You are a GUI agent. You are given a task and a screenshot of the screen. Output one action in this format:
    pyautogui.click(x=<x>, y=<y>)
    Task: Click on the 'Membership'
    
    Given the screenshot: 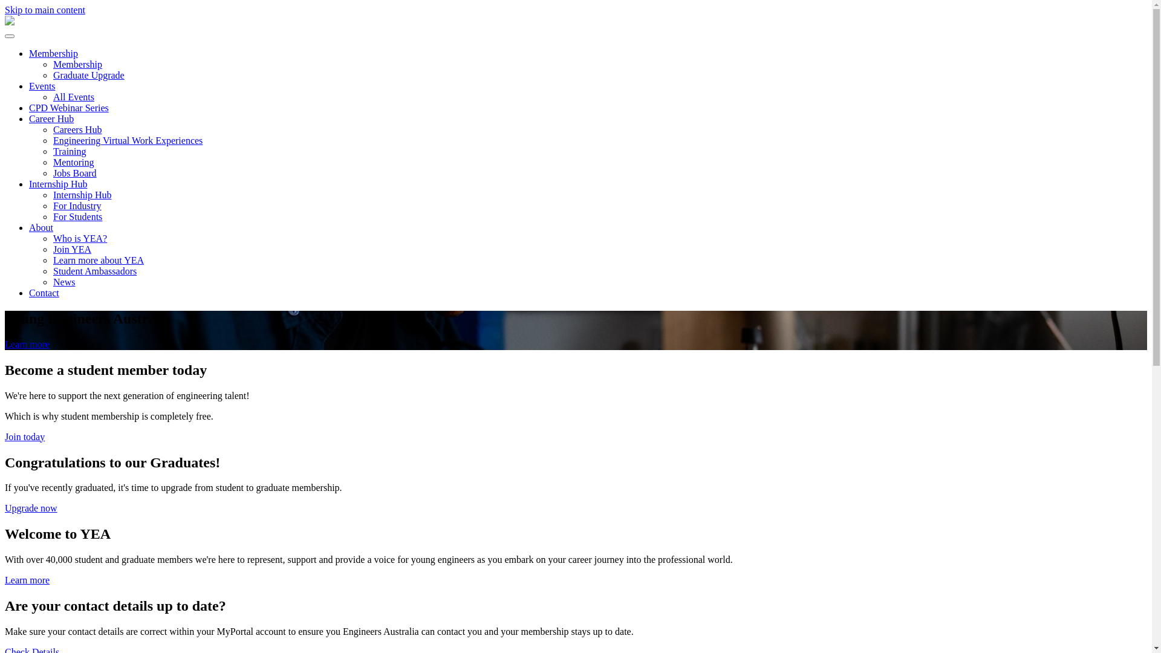 What is the action you would take?
    pyautogui.click(x=77, y=64)
    